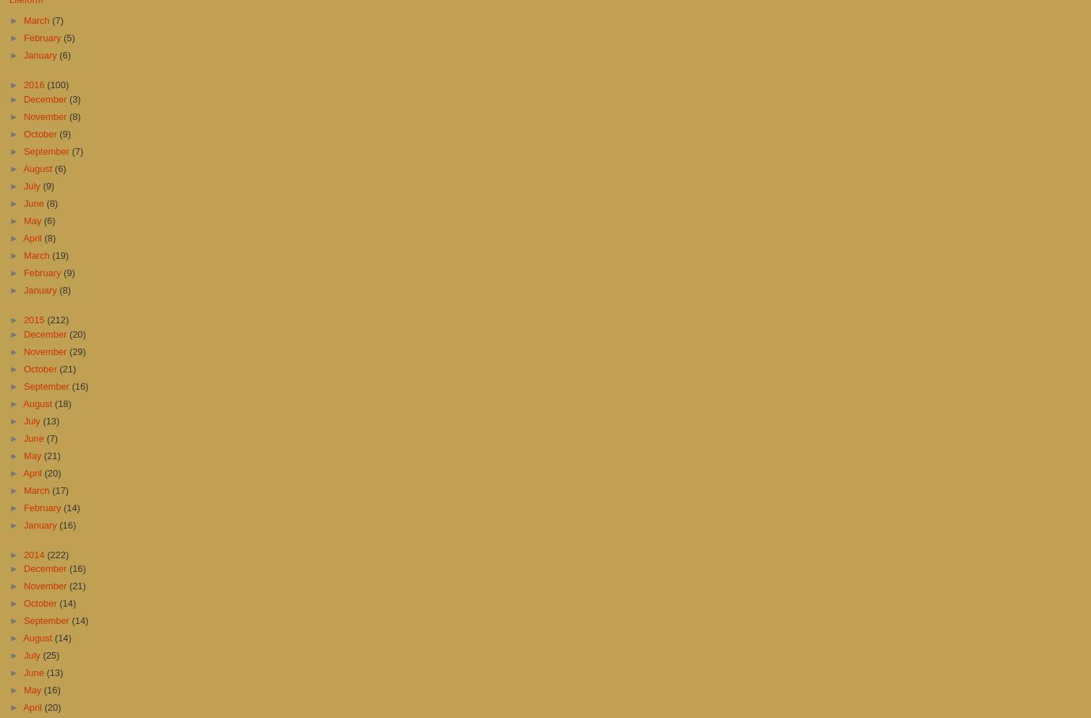 Image resolution: width=1091 pixels, height=718 pixels. Describe the element at coordinates (22, 85) in the screenshot. I see `'2016'` at that location.